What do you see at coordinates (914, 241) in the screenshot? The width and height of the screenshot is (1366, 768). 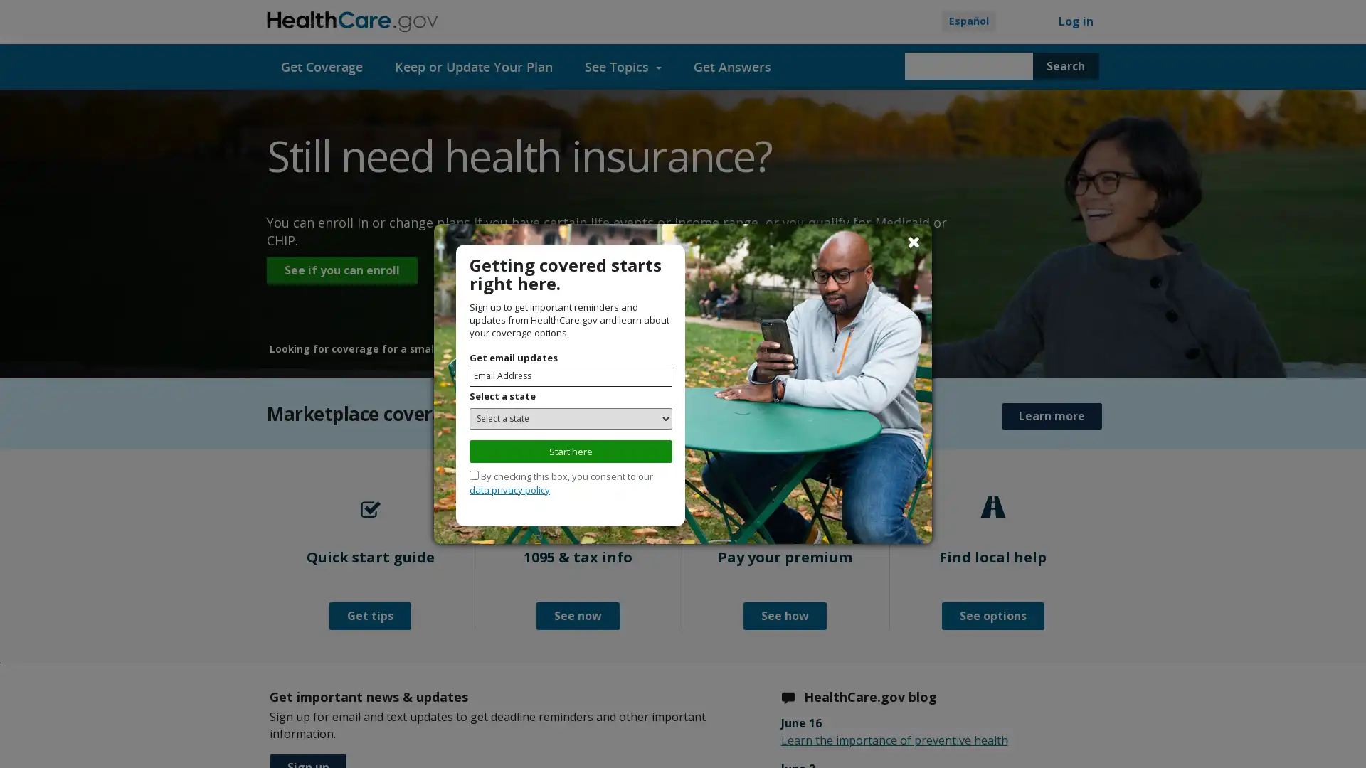 I see `Close subscription dialog` at bounding box center [914, 241].